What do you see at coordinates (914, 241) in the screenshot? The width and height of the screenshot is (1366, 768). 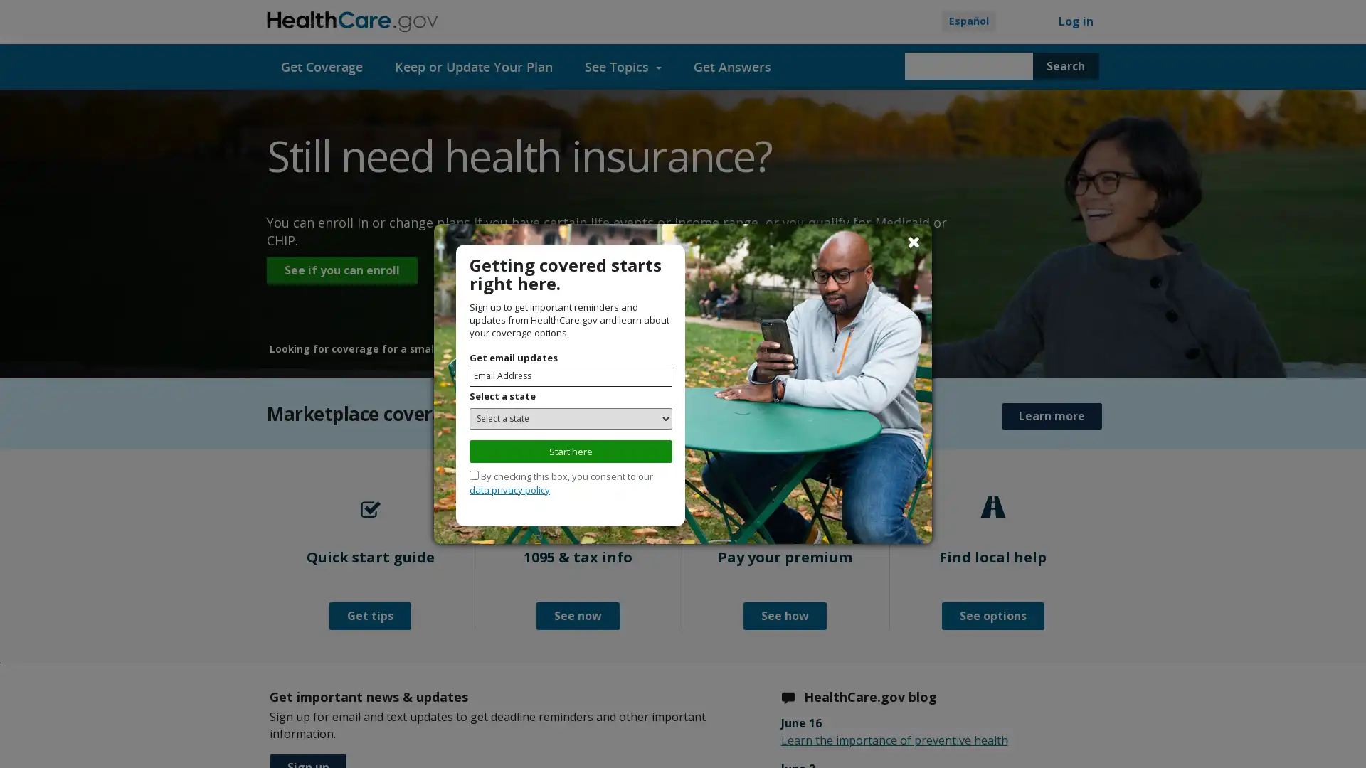 I see `Close subscription dialog` at bounding box center [914, 241].